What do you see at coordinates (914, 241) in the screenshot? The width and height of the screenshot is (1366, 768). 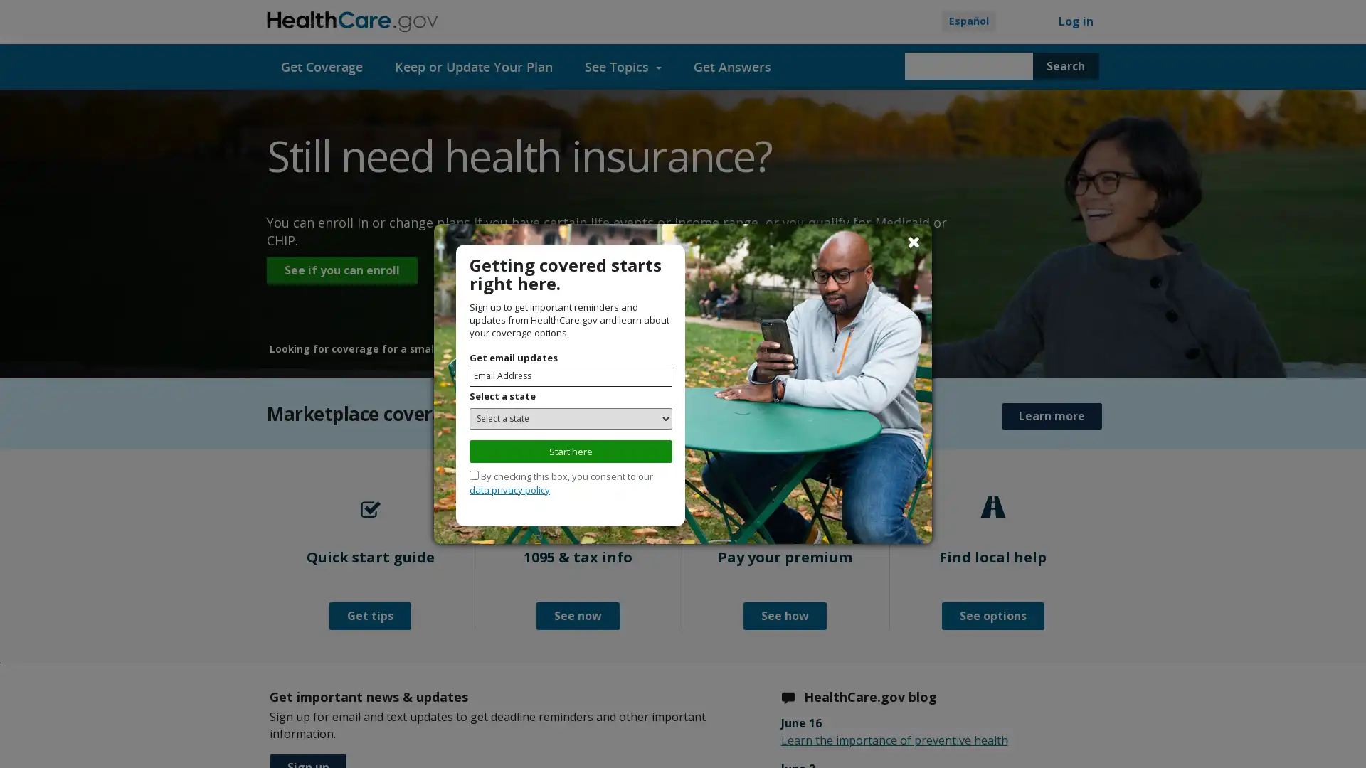 I see `Close subscription dialog` at bounding box center [914, 241].